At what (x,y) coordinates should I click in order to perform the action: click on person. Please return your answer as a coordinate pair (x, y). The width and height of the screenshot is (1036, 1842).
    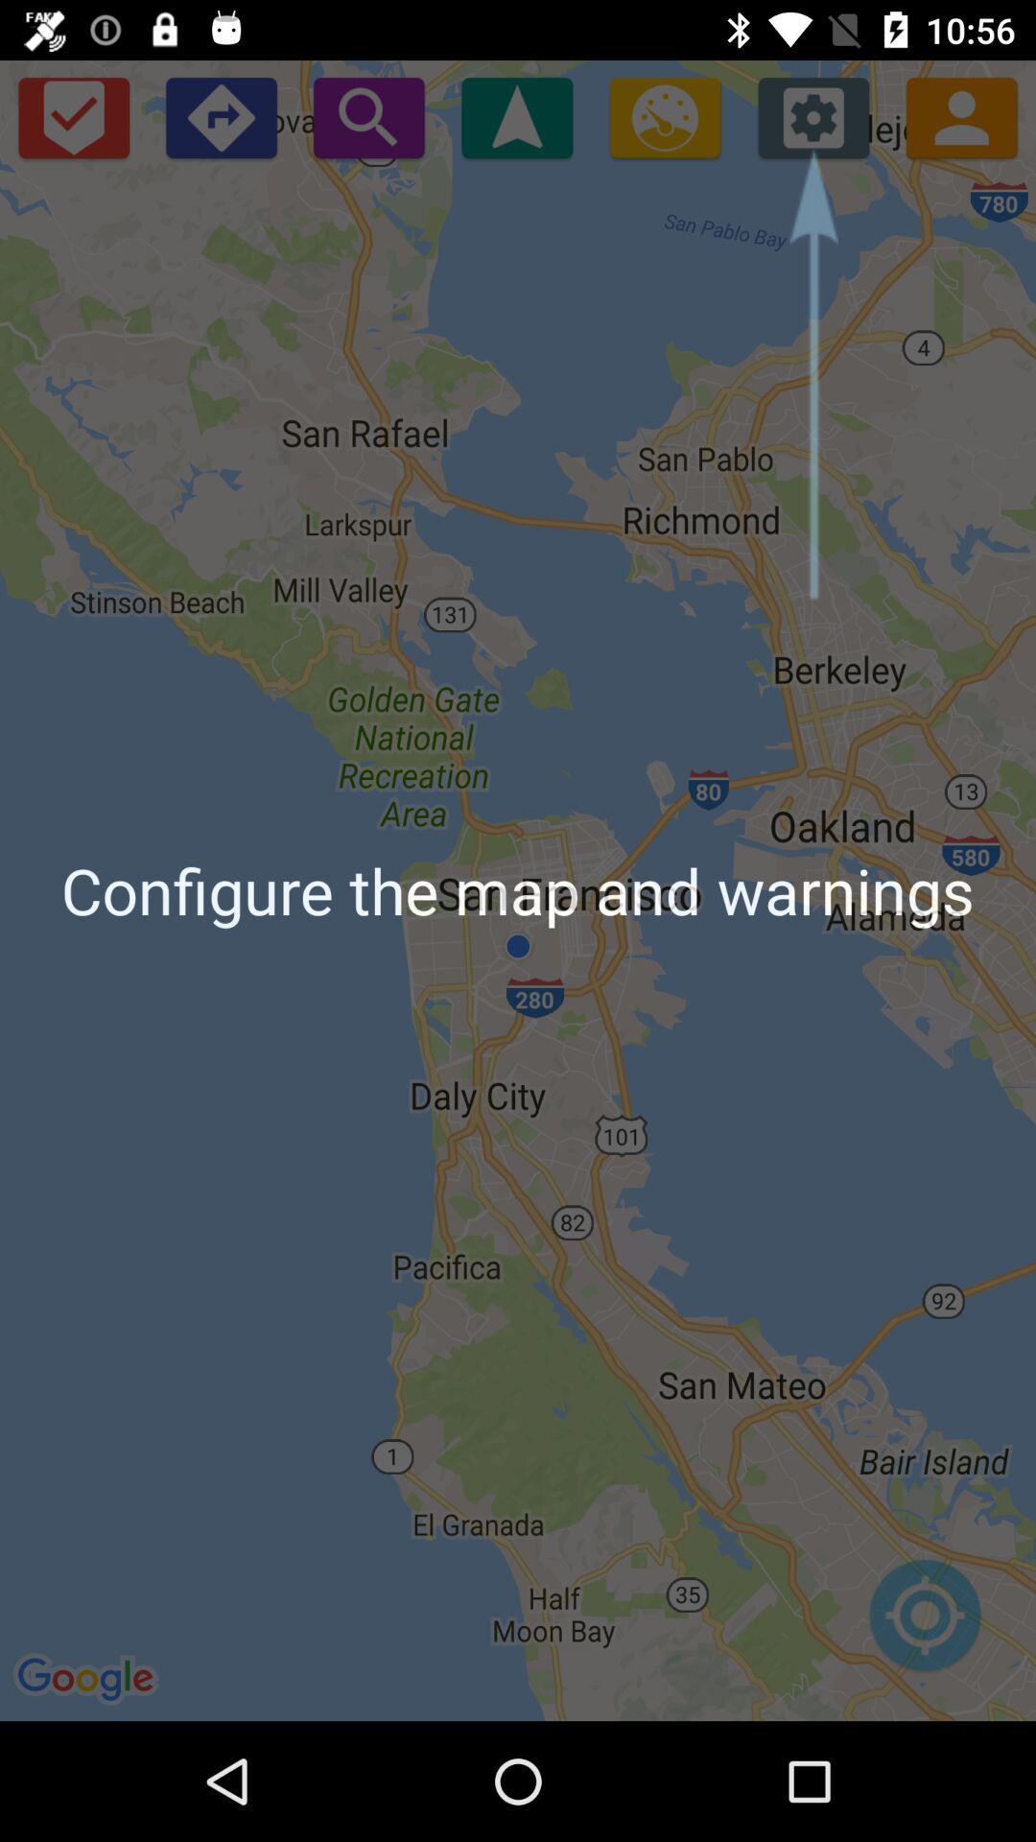
    Looking at the image, I should click on (961, 116).